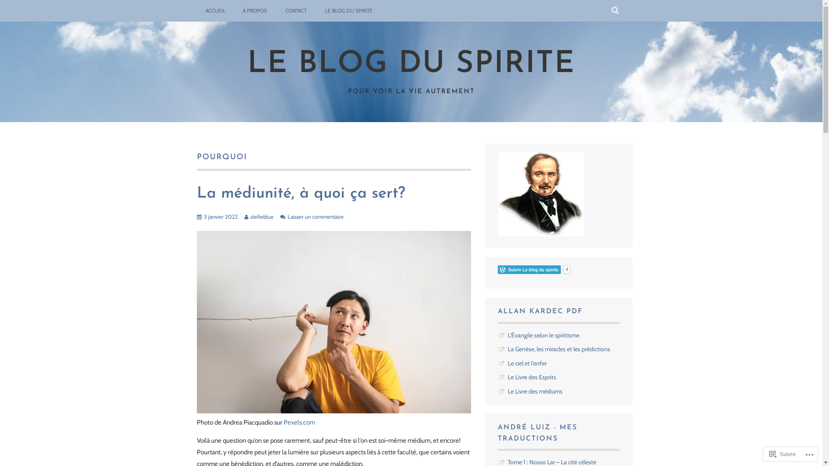 The width and height of the screenshot is (829, 466). What do you see at coordinates (315, 216) in the screenshot?
I see `'Laisser un commentaire'` at bounding box center [315, 216].